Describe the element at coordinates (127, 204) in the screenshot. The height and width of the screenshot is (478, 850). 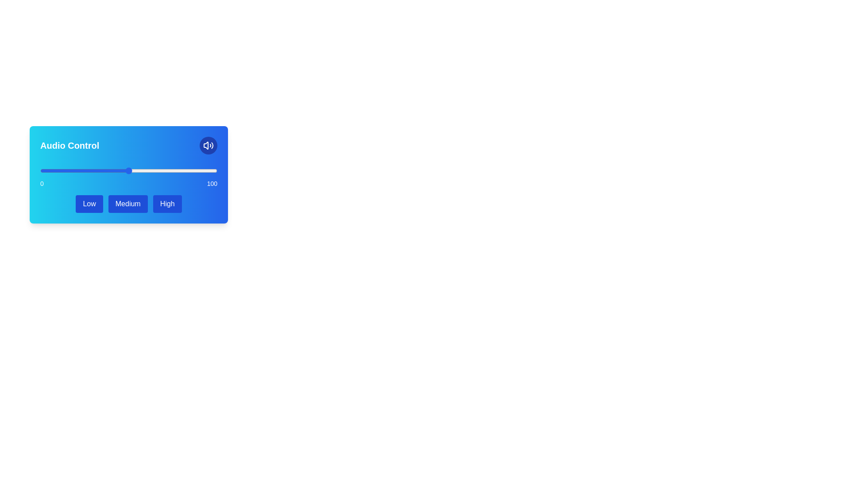
I see `the 'Medium' button, which is a rectangular button with a blue background and rounded corners` at that location.